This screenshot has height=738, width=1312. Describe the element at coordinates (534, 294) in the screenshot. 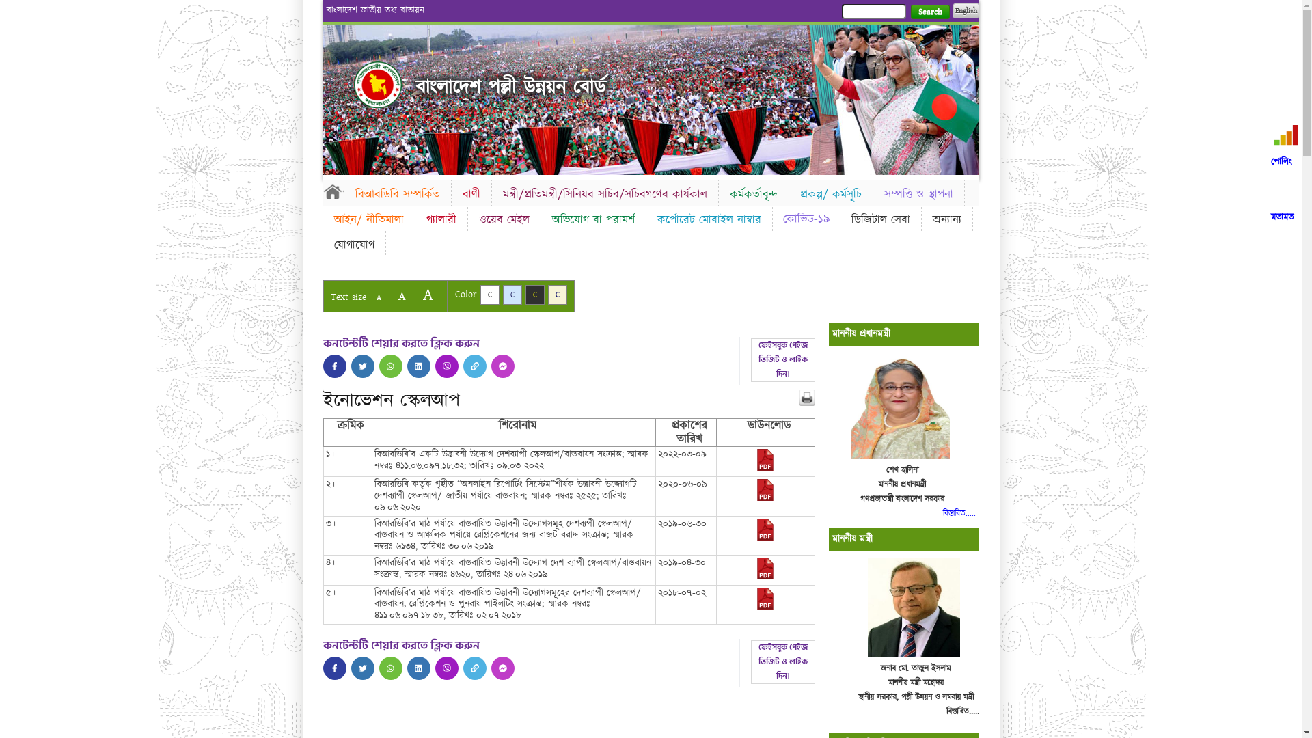

I see `'C'` at that location.